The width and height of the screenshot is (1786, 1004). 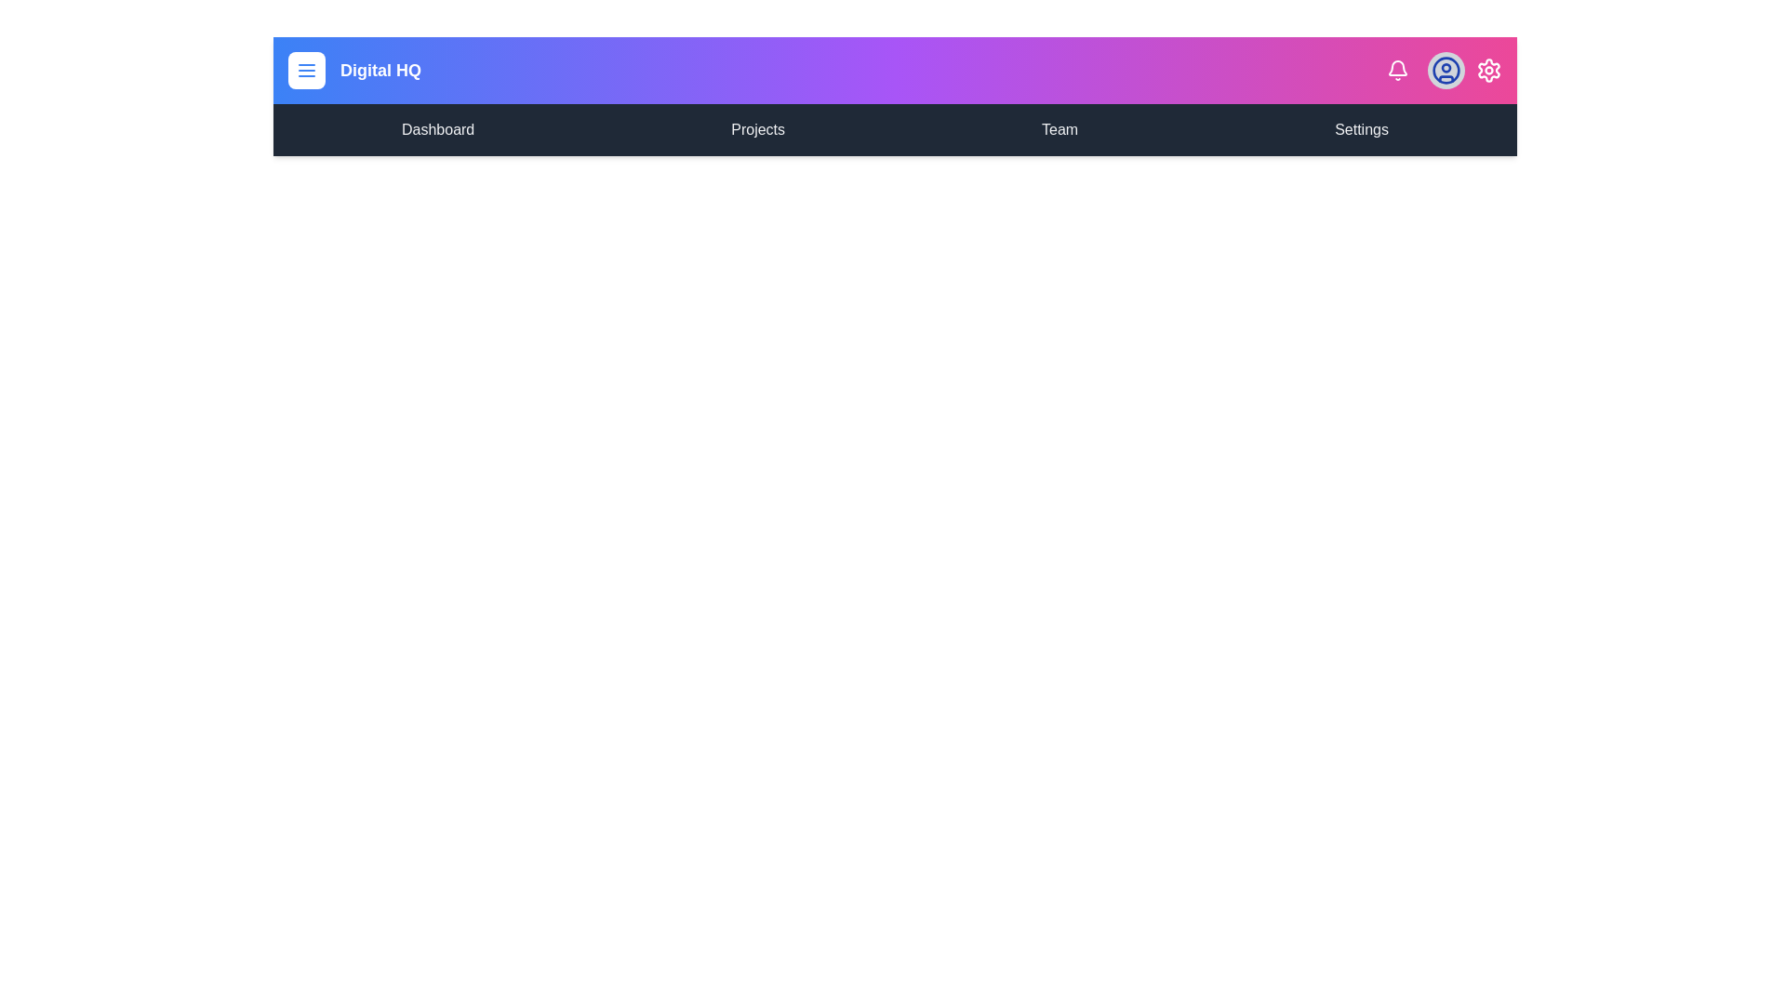 I want to click on the menu item labeled Team in the navigation bar, so click(x=1059, y=128).